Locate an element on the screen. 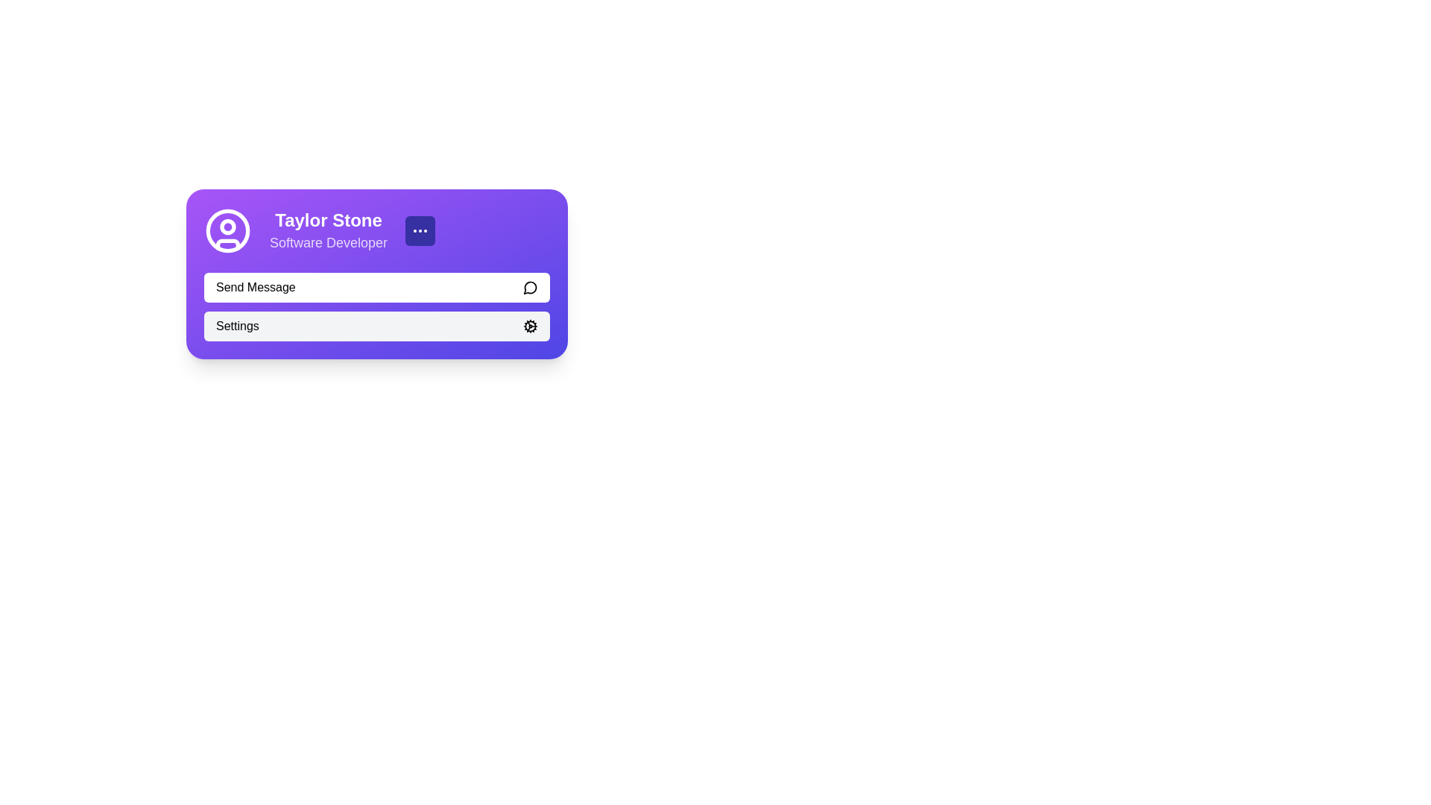  the menu toggle button located in the top-right corner of the user profile card is located at coordinates (420, 230).